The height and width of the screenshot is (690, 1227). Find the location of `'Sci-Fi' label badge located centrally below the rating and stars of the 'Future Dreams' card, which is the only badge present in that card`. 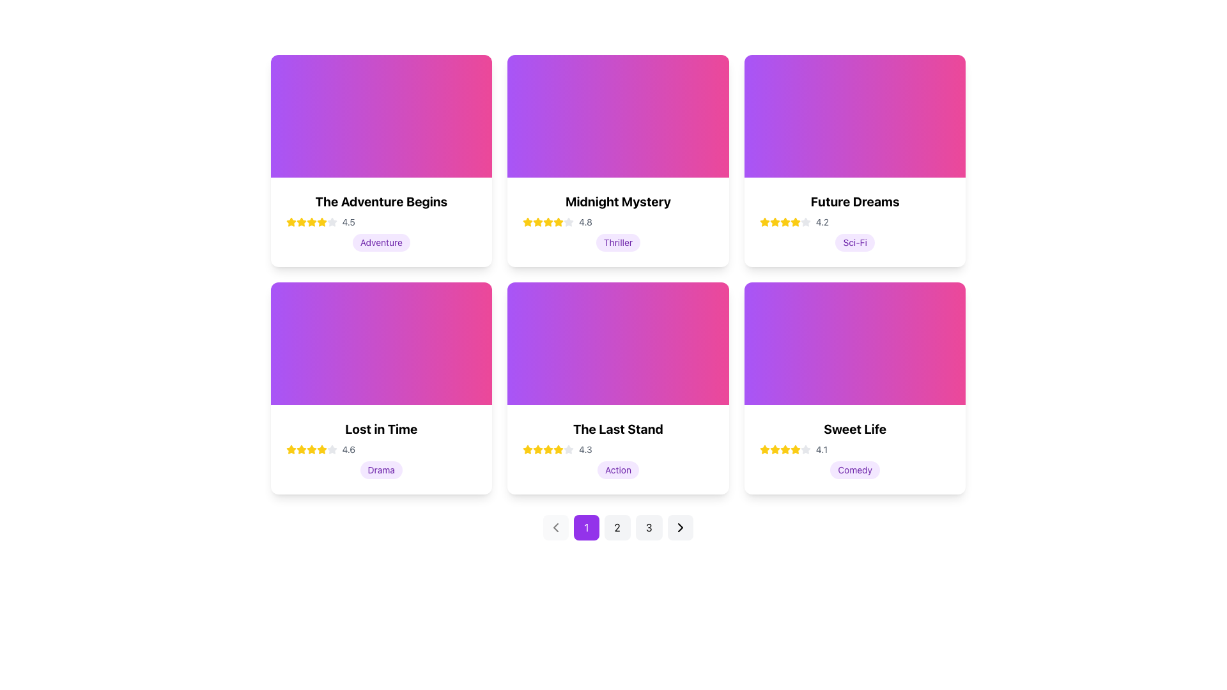

'Sci-Fi' label badge located centrally below the rating and stars of the 'Future Dreams' card, which is the only badge present in that card is located at coordinates (855, 243).